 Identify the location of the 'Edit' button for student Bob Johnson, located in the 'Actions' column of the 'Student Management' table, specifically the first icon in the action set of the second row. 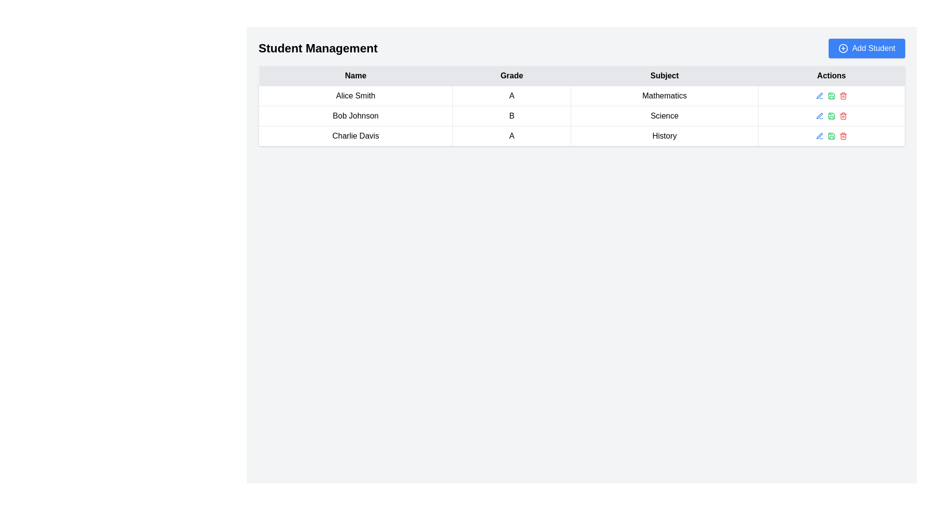
(819, 96).